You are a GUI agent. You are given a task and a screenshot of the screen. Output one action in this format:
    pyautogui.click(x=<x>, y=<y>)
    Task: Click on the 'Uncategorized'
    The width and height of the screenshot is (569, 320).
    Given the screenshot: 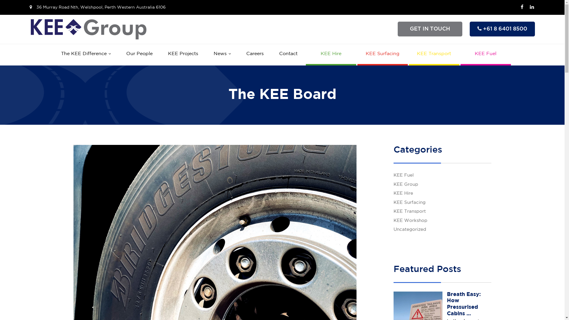 What is the action you would take?
    pyautogui.click(x=409, y=229)
    